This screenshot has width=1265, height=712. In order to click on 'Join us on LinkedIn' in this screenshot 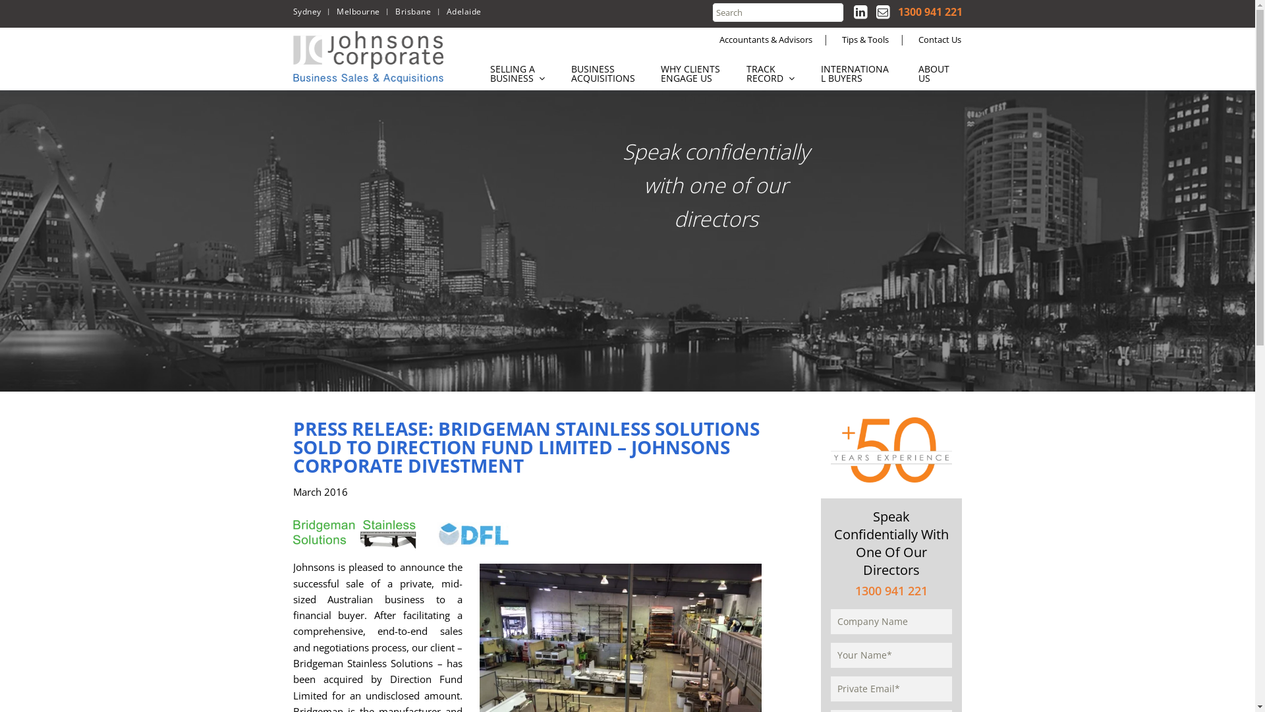, I will do `click(860, 11)`.